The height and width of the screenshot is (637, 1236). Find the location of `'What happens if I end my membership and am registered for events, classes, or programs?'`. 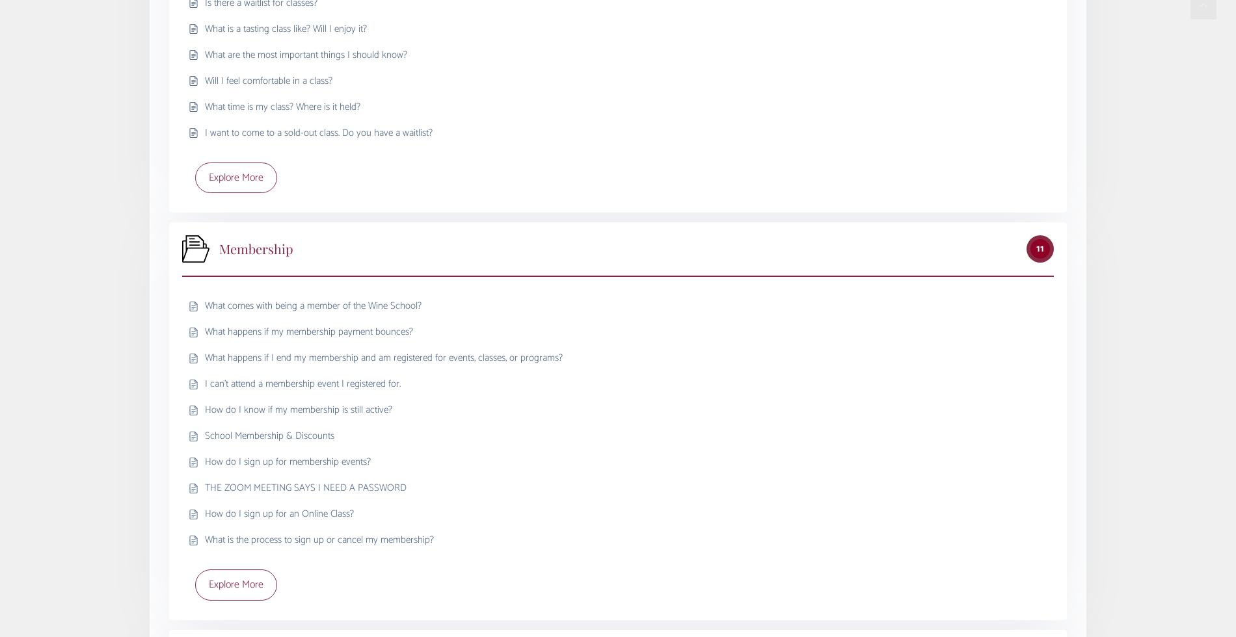

'What happens if I end my membership and am registered for events, classes, or programs?' is located at coordinates (383, 357).